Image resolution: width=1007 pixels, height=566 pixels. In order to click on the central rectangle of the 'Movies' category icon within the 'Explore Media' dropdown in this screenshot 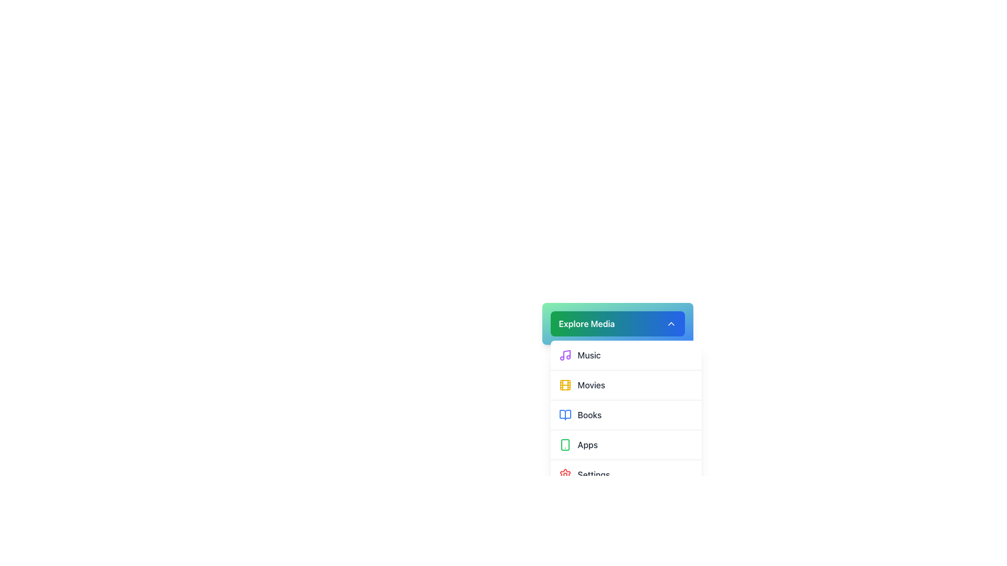, I will do `click(564, 385)`.